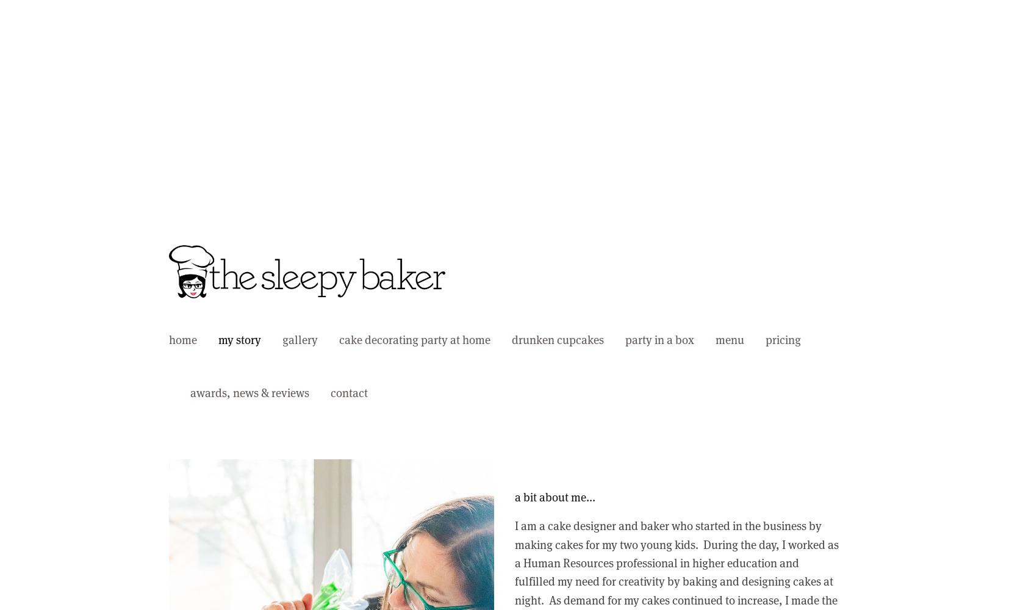  I want to click on 'home', so click(168, 339).